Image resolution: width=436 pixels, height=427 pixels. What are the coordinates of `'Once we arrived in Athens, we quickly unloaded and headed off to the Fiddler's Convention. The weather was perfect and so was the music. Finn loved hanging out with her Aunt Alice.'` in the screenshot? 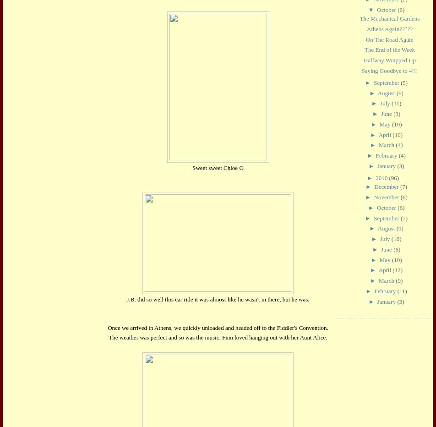 It's located at (218, 332).